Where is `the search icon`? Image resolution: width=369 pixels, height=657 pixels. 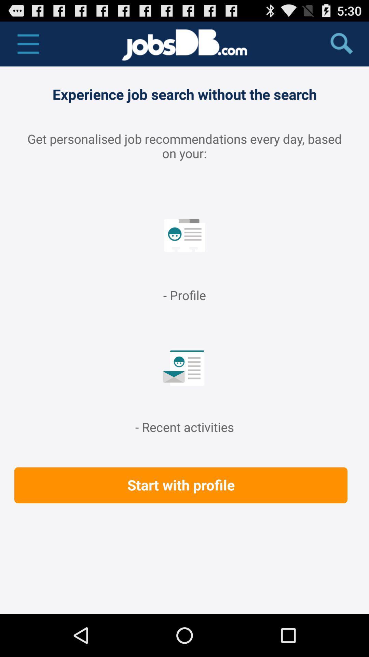 the search icon is located at coordinates (342, 47).